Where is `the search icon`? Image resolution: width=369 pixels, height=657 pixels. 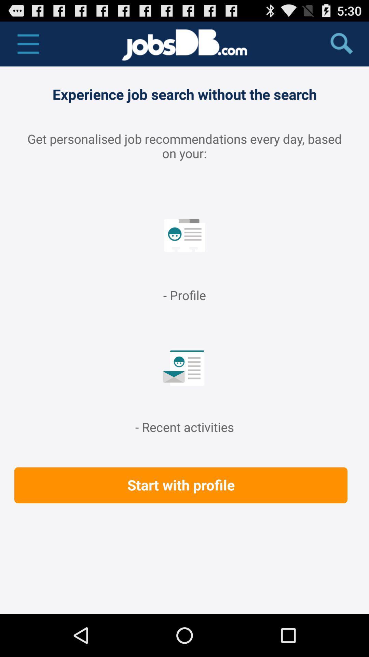 the search icon is located at coordinates (342, 47).